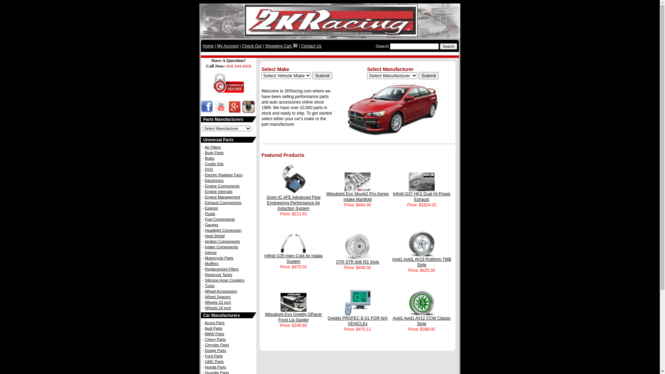 This screenshot has width=665, height=374. Describe the element at coordinates (204, 280) in the screenshot. I see `'Silicone Hose Couplers'` at that location.